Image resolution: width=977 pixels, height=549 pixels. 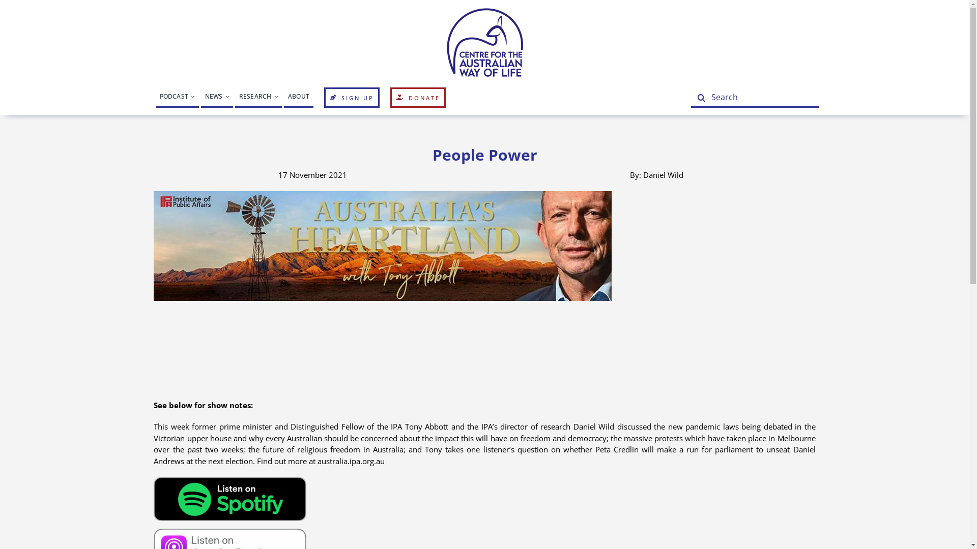 I want to click on 'RESEARCH', so click(x=258, y=98).